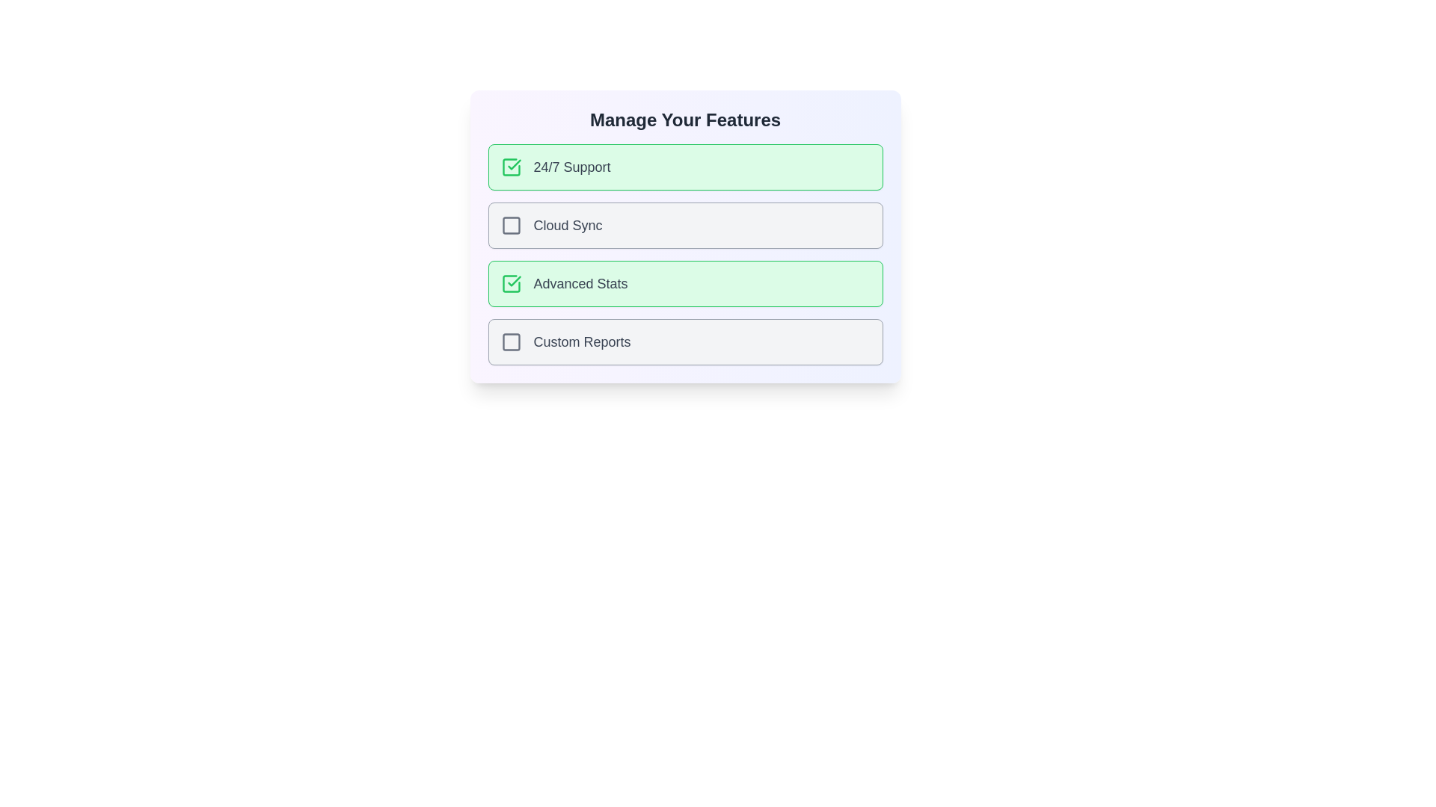 This screenshot has width=1436, height=807. What do you see at coordinates (684, 120) in the screenshot?
I see `the Text header that says 'Manage Your Features', which is prominently styled and positioned at the top of the section` at bounding box center [684, 120].